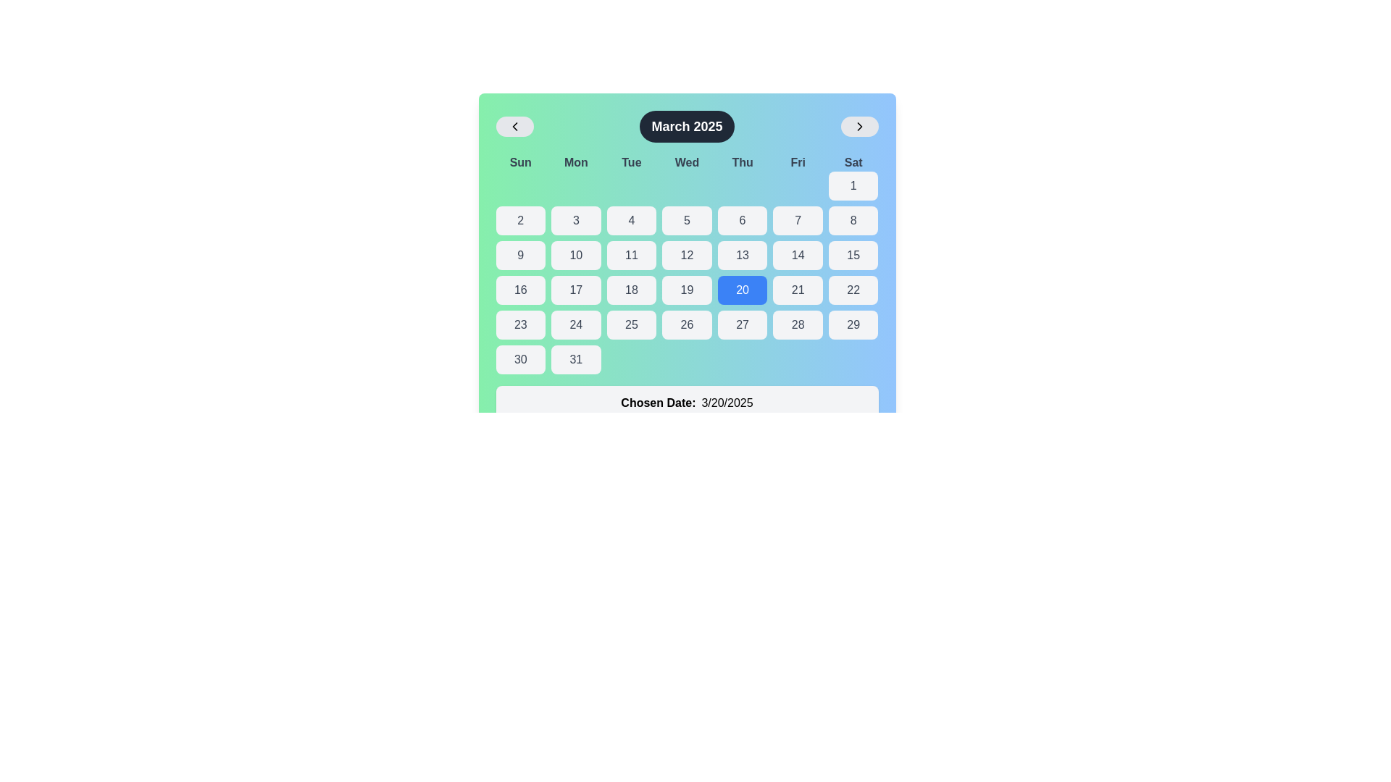  Describe the element at coordinates (853, 162) in the screenshot. I see `the bolded text label displaying 'Sat', which is the last element in a row of day abbreviations at the top of the calendar interface` at that location.